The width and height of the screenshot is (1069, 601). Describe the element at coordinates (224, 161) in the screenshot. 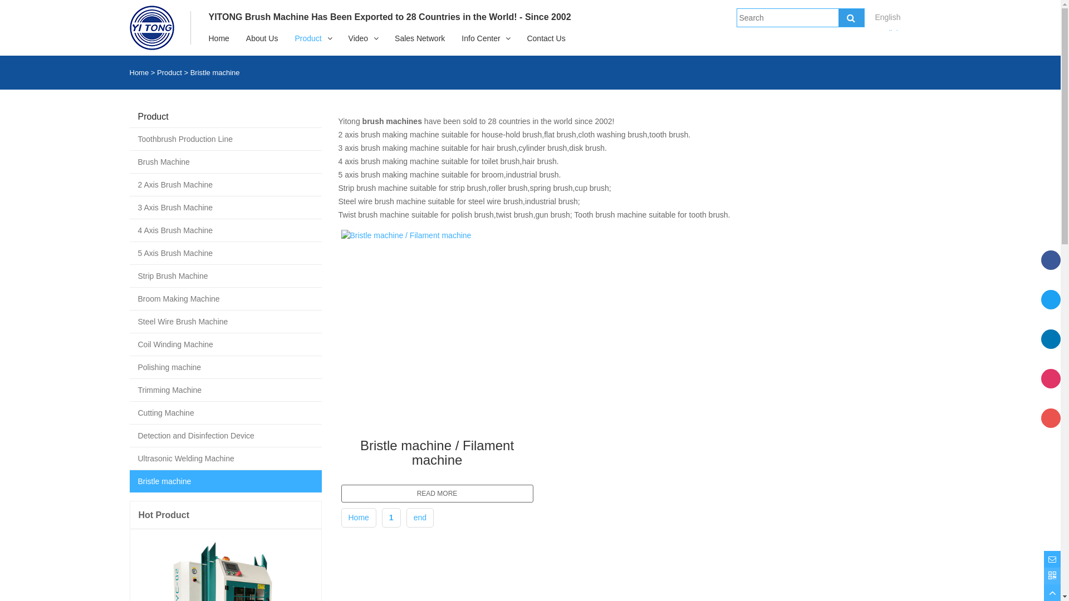

I see `'Brush Machine'` at that location.